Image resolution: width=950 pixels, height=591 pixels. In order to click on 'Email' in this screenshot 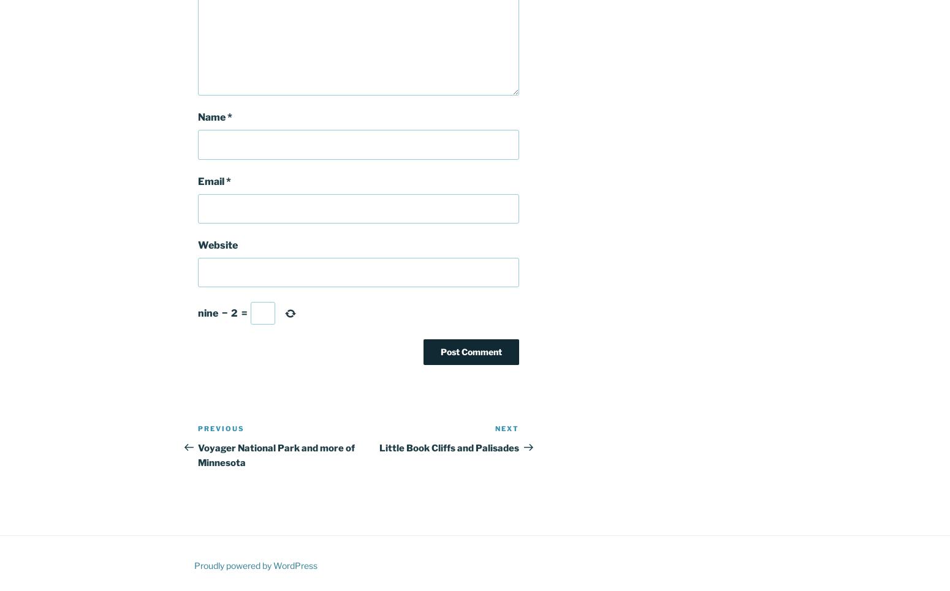, I will do `click(211, 181)`.